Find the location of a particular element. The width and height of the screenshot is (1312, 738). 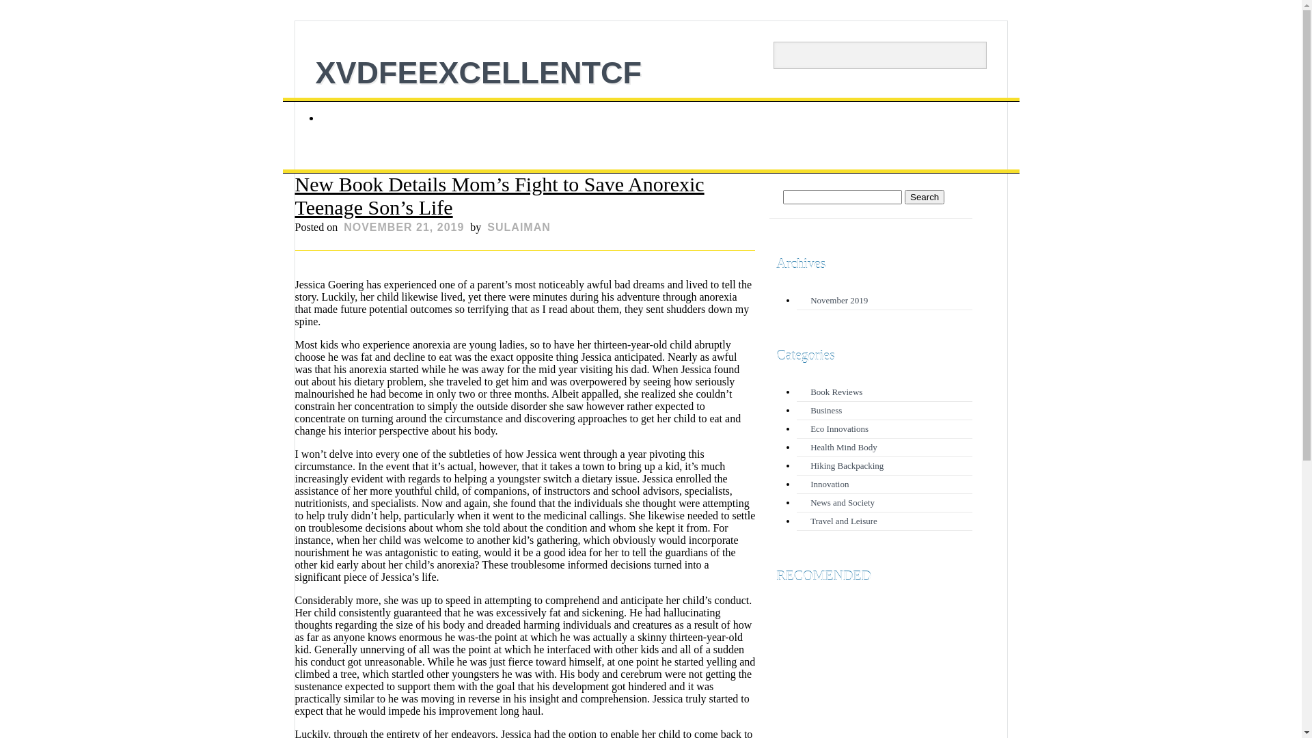

'News and Society' is located at coordinates (842, 502).